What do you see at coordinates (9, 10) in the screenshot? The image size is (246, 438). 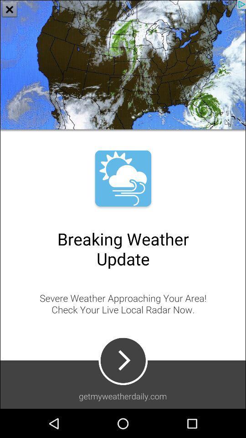 I see `the close icon` at bounding box center [9, 10].